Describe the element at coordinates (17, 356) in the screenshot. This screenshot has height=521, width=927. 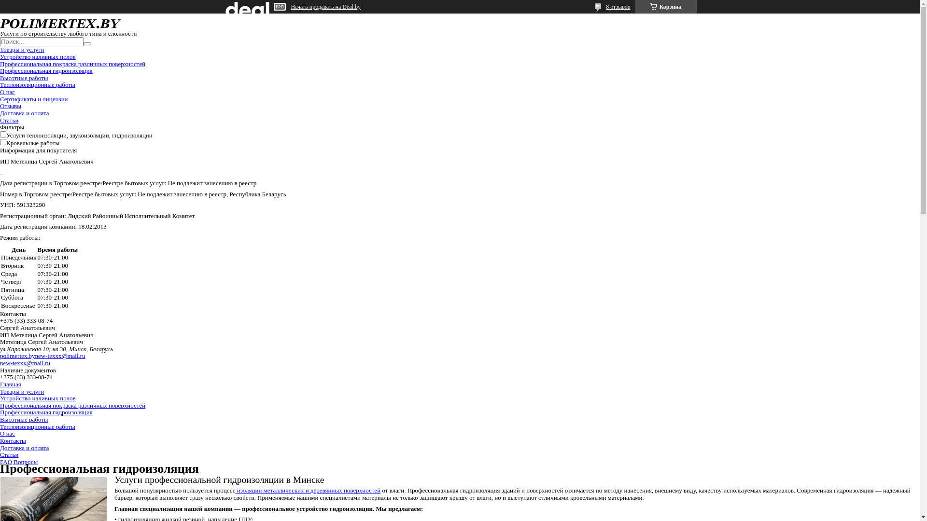
I see `'polimertex.by'` at that location.